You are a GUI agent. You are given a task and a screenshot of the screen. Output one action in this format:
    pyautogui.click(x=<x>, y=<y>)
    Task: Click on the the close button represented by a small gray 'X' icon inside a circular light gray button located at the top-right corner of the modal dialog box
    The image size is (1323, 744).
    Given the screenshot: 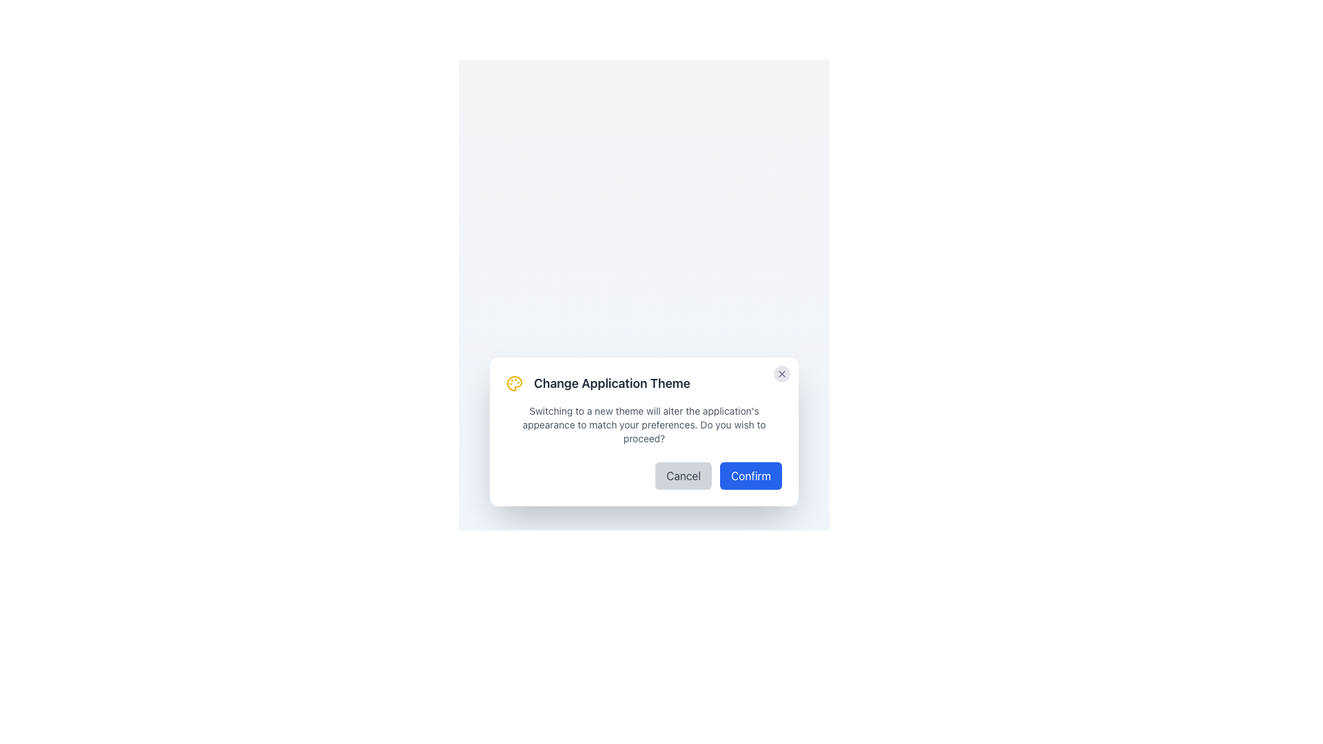 What is the action you would take?
    pyautogui.click(x=781, y=374)
    